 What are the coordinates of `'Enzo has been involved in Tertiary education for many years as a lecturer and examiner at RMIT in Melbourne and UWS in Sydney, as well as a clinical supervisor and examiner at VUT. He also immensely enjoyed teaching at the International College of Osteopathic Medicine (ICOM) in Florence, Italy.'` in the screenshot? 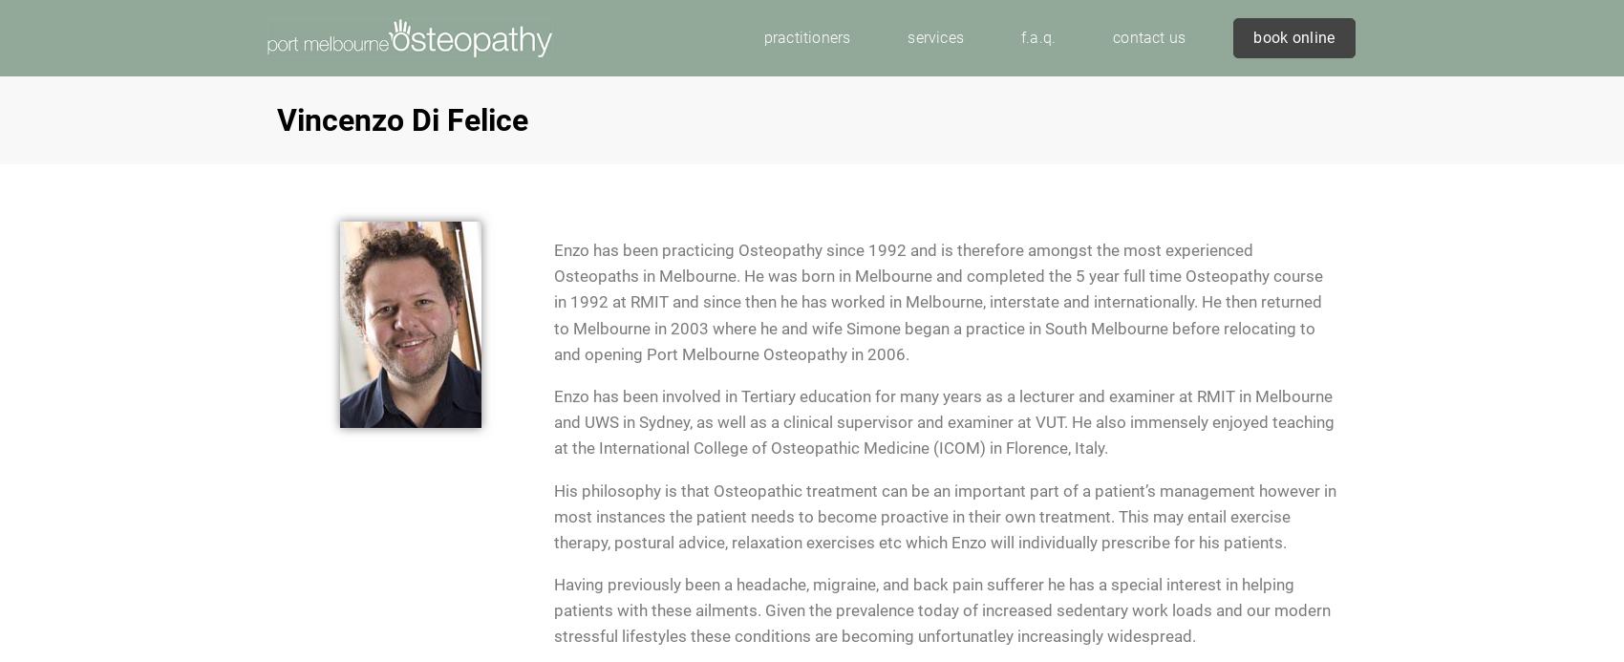 It's located at (943, 421).